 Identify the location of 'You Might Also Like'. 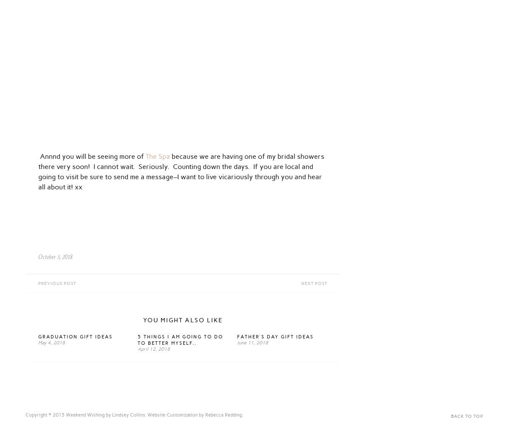
(182, 320).